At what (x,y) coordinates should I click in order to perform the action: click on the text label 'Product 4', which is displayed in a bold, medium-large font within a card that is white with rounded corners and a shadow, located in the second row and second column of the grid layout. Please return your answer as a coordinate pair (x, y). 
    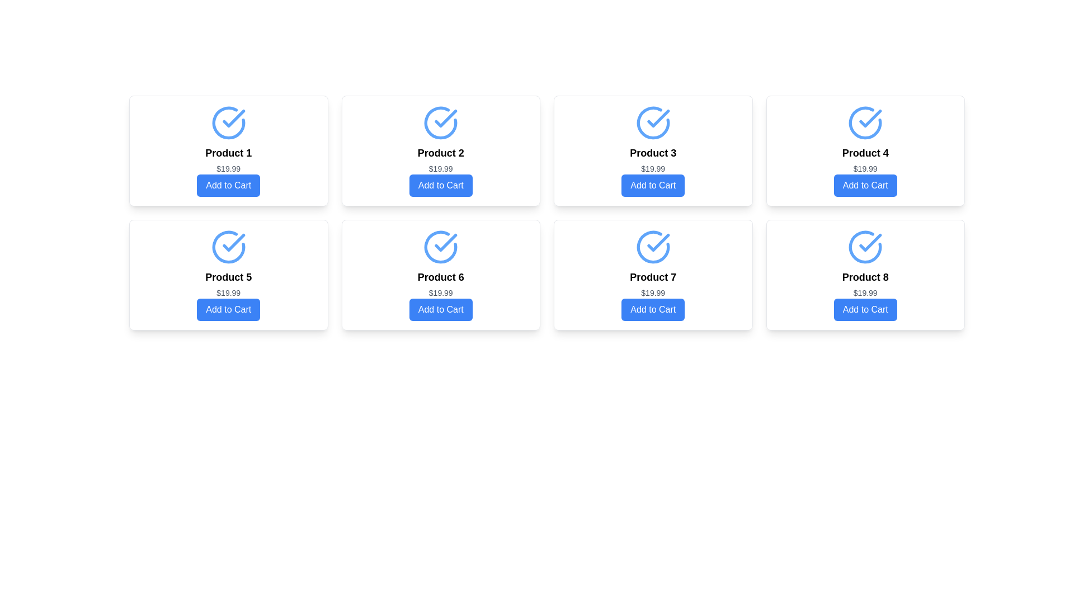
    Looking at the image, I should click on (865, 153).